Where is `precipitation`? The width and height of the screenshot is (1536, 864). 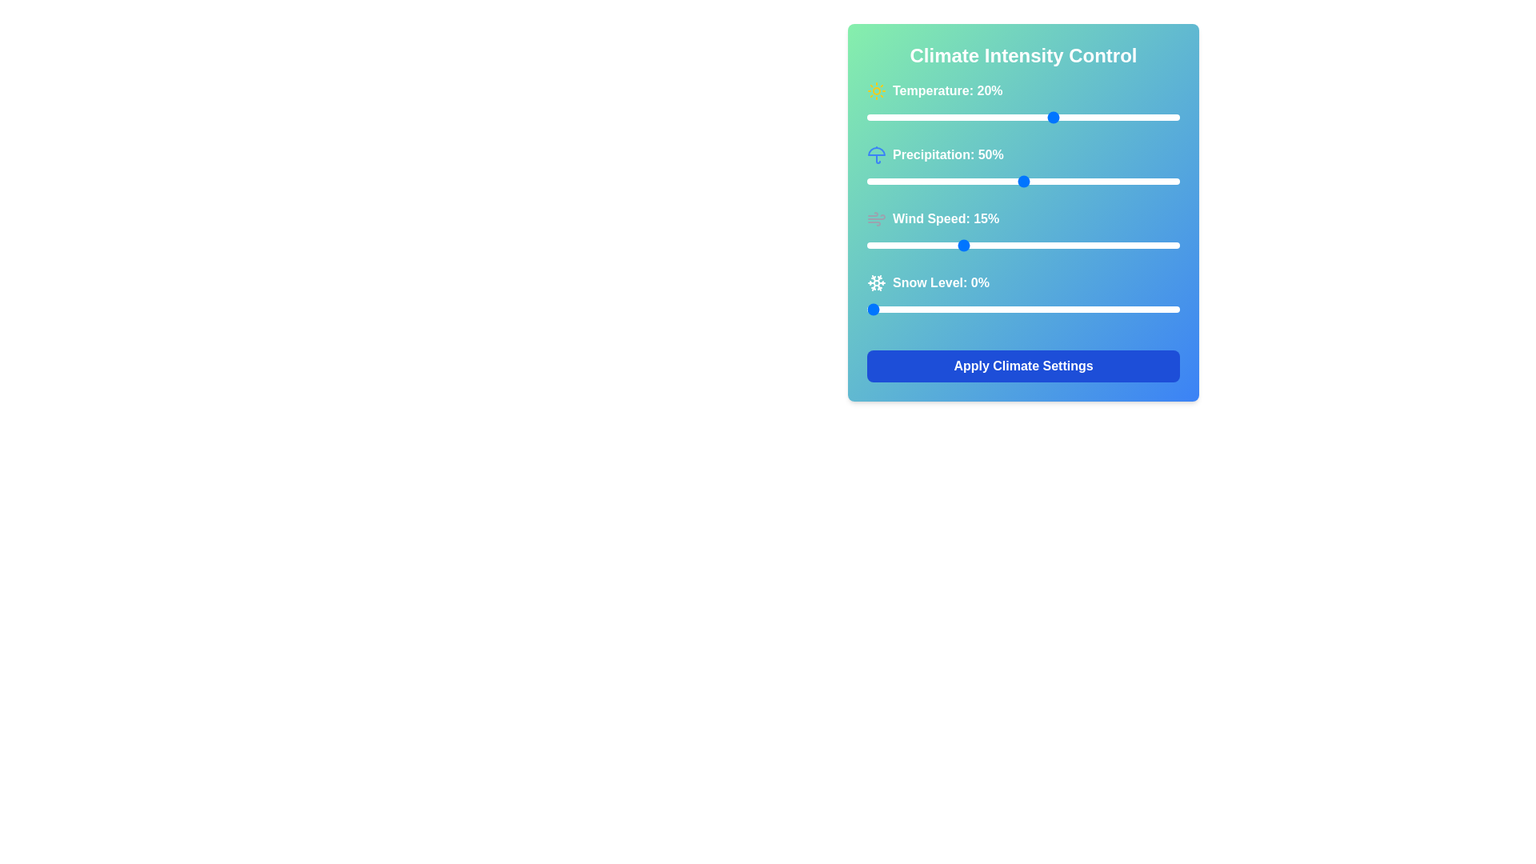
precipitation is located at coordinates (875, 181).